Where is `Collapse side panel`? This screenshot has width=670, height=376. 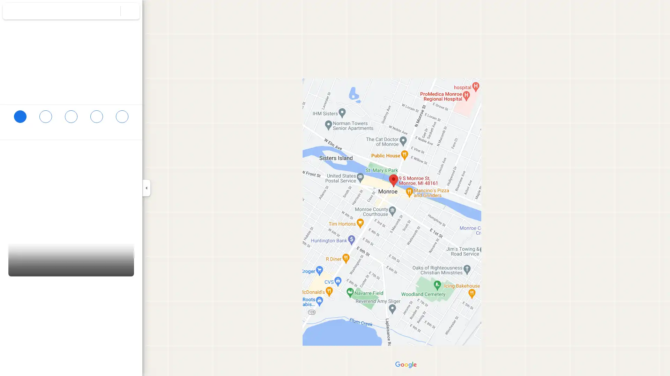 Collapse side panel is located at coordinates (146, 188).